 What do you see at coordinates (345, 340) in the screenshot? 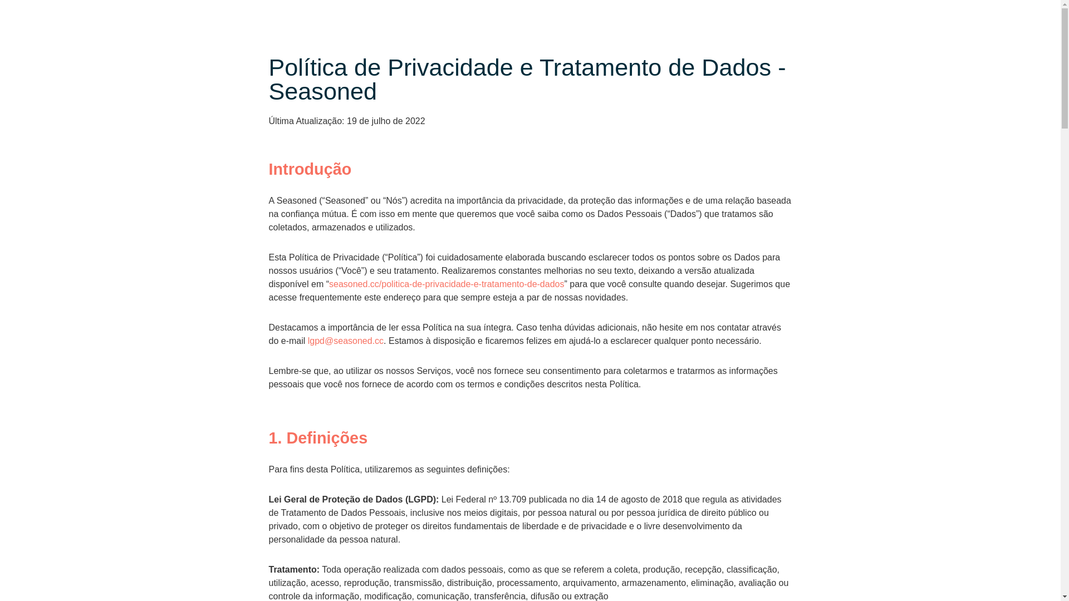
I see `'lgpd@seasoned.cc'` at bounding box center [345, 340].